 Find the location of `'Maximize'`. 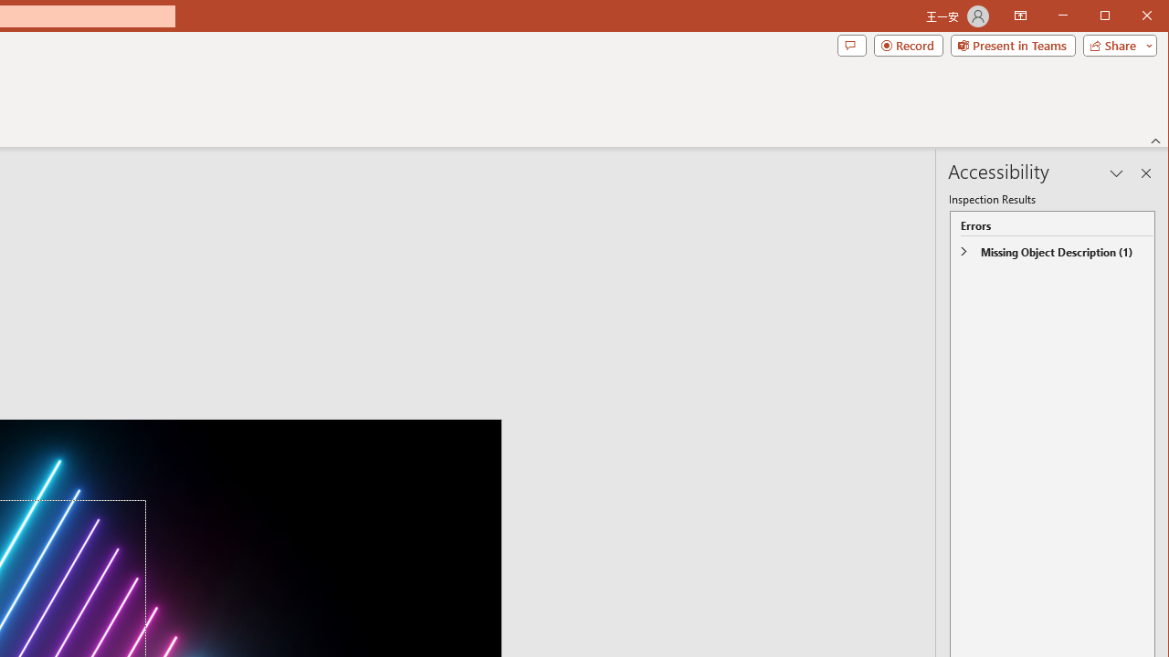

'Maximize' is located at coordinates (1131, 17).